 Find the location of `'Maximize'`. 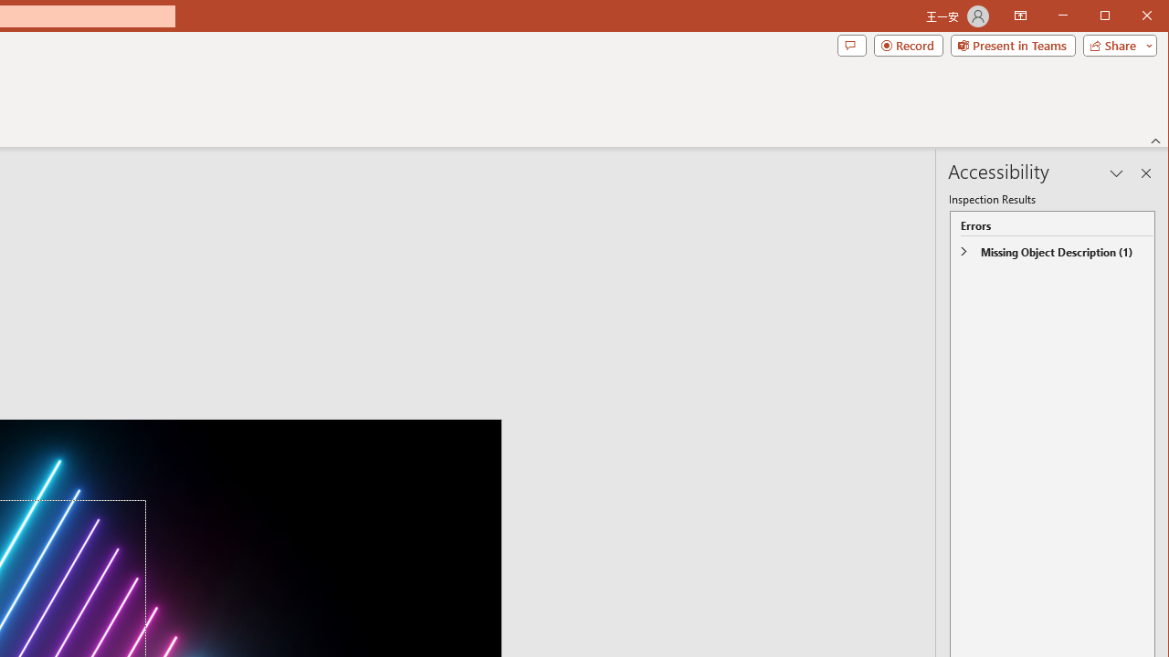

'Maximize' is located at coordinates (1131, 17).